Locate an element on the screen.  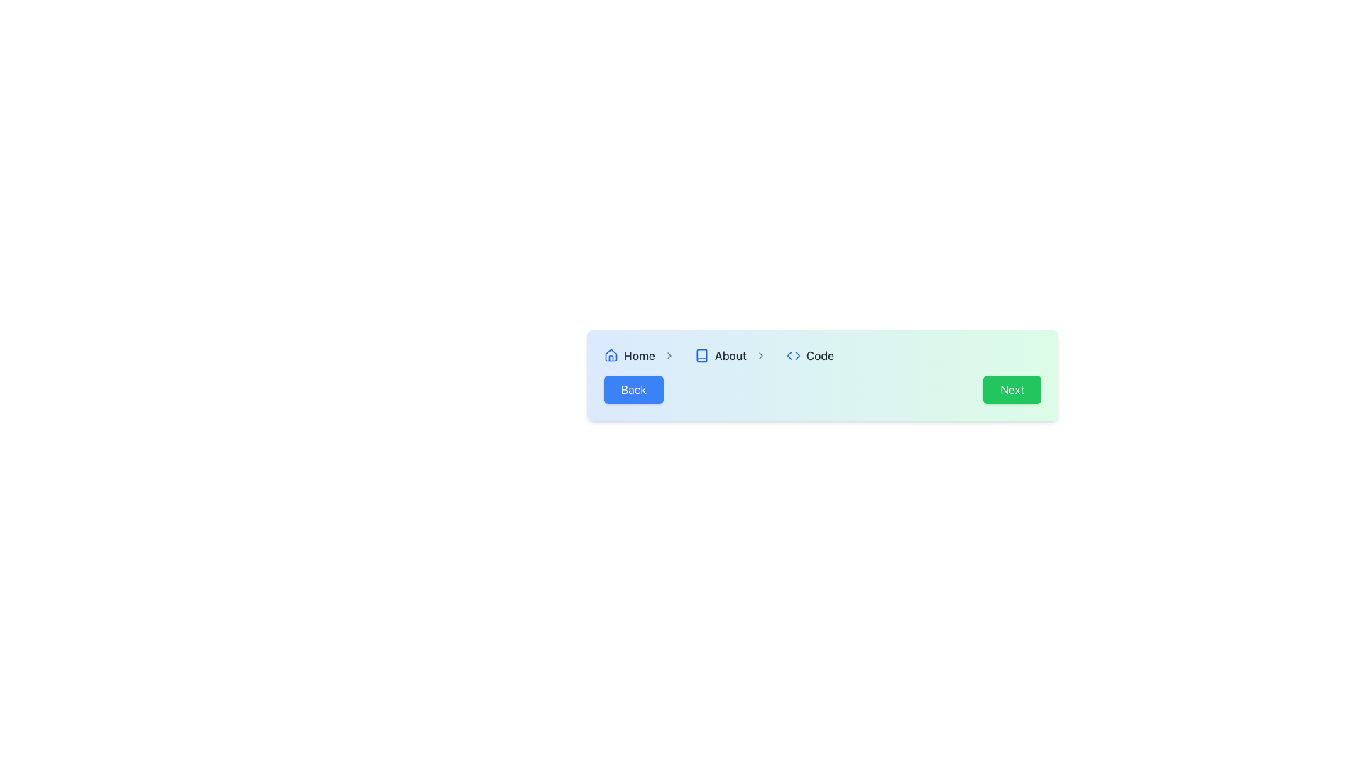
the 'Next' button located at the bottom-right of the interface is located at coordinates (1012, 389).